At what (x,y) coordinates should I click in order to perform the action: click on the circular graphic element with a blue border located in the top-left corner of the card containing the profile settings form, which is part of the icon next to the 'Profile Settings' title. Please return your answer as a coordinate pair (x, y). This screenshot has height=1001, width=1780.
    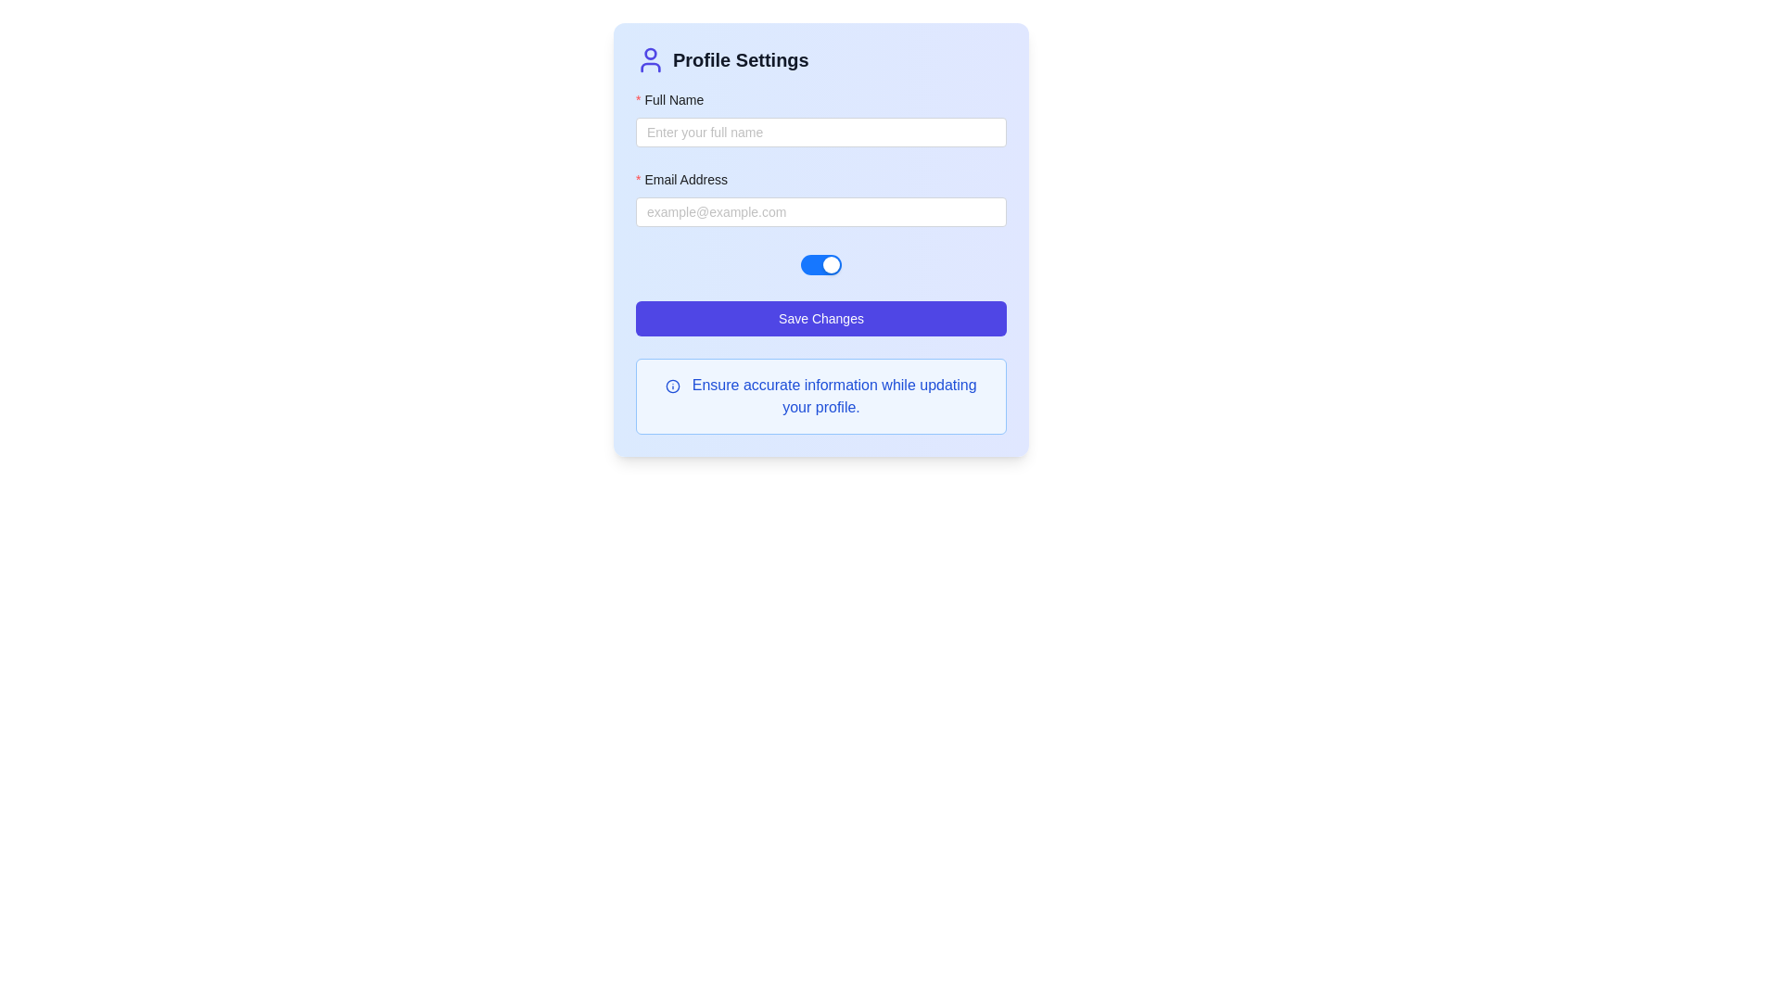
    Looking at the image, I should click on (672, 385).